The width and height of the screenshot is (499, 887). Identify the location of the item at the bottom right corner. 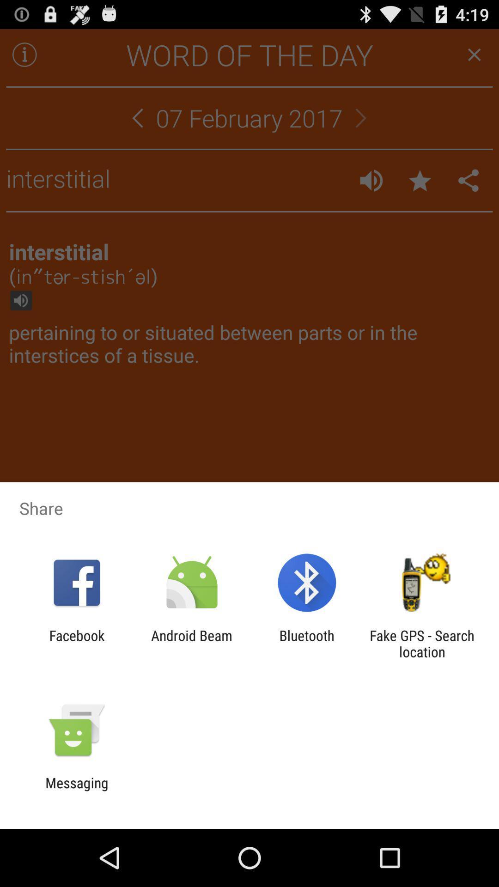
(422, 643).